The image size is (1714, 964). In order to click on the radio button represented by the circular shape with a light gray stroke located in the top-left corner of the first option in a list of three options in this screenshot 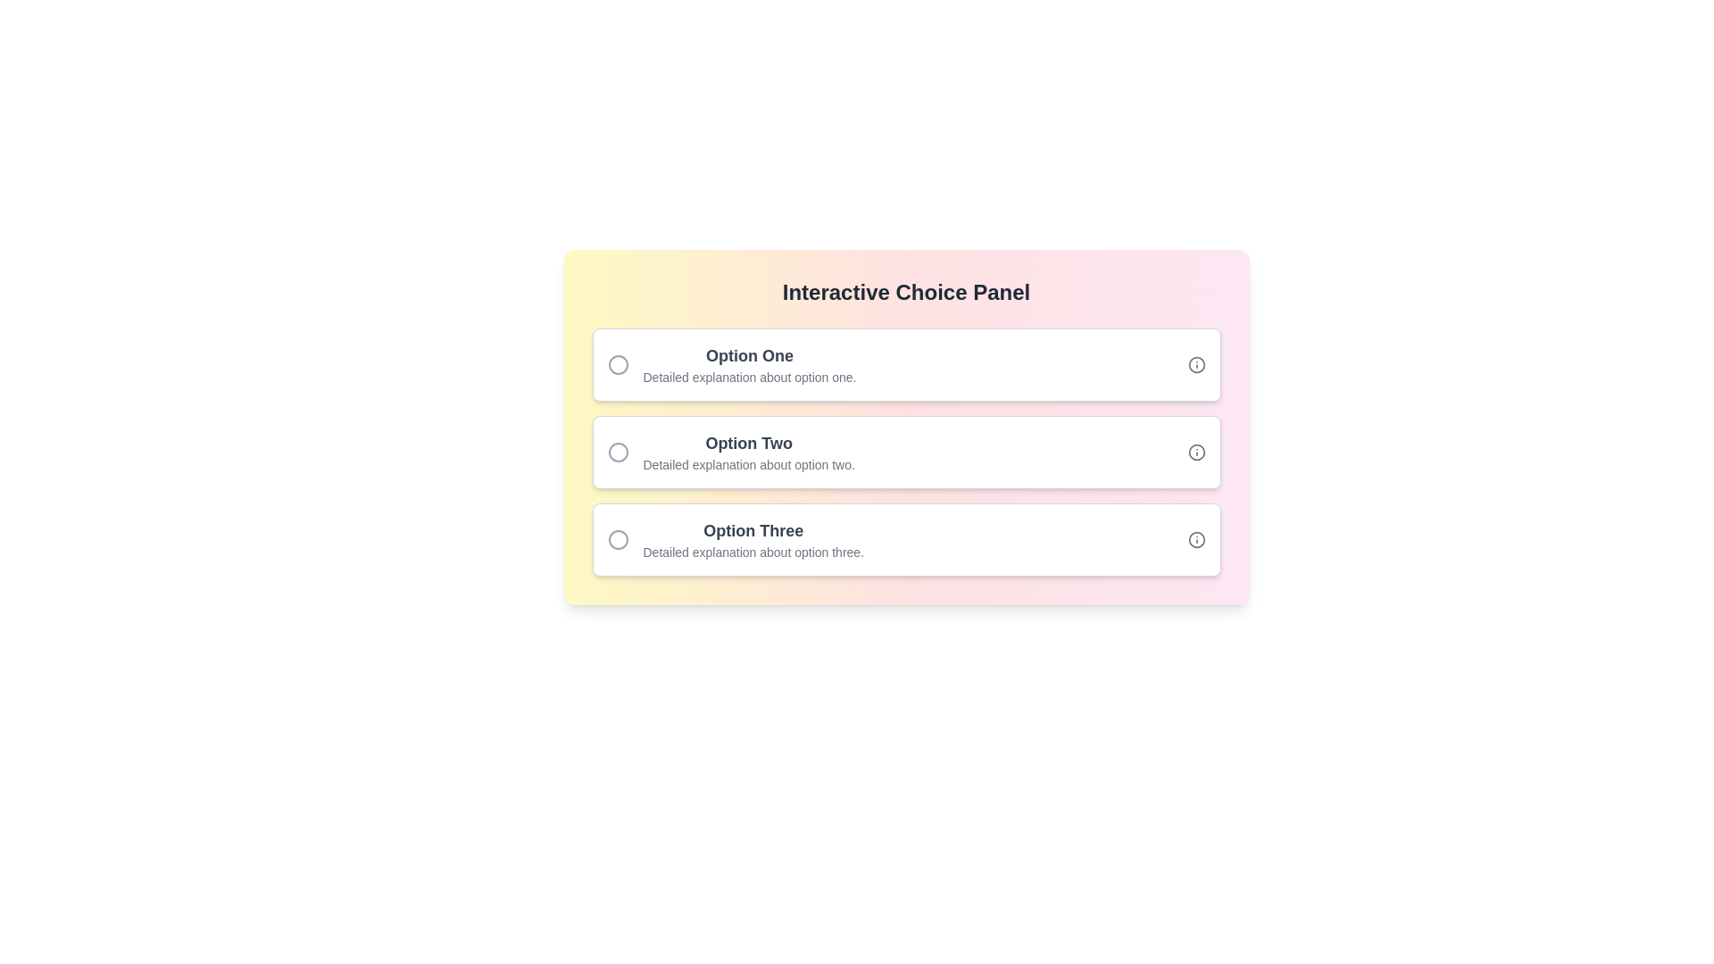, I will do `click(618, 363)`.